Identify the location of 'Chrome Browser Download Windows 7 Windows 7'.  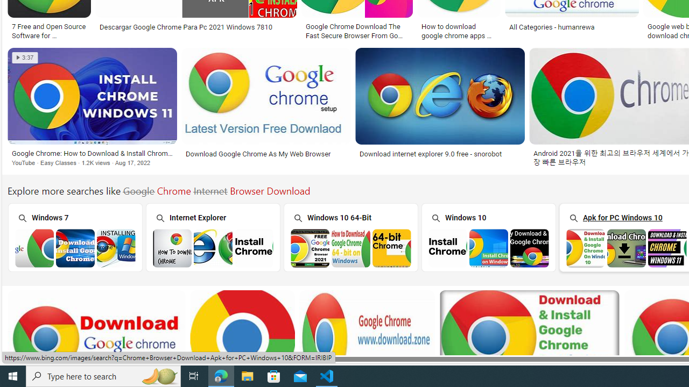
(74, 236).